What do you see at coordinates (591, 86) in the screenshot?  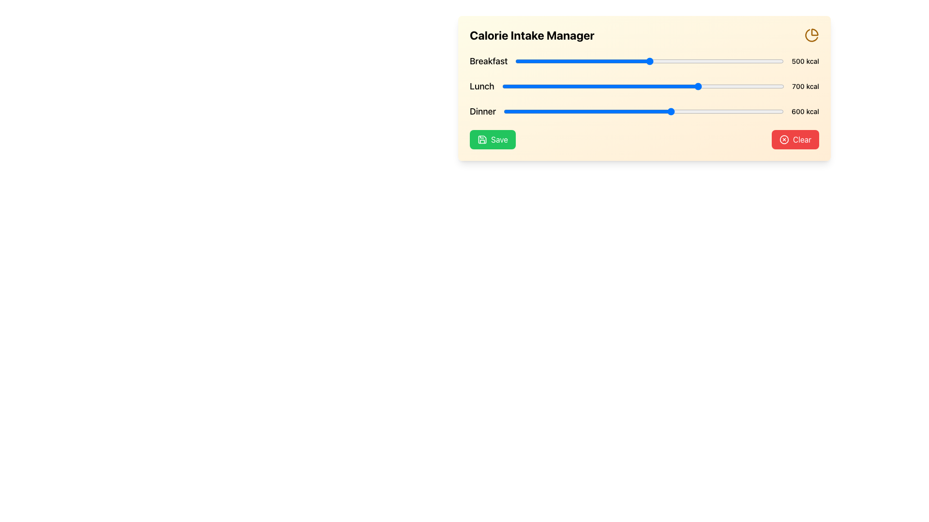 I see `the lunch kcal value` at bounding box center [591, 86].